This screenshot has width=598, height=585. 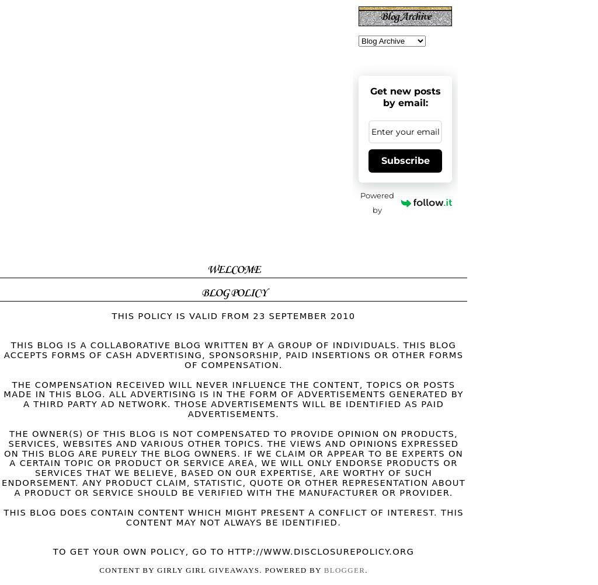 What do you see at coordinates (53, 551) in the screenshot?
I see `'To get your own policy, go to http://www.disclosurepolicy.org'` at bounding box center [53, 551].